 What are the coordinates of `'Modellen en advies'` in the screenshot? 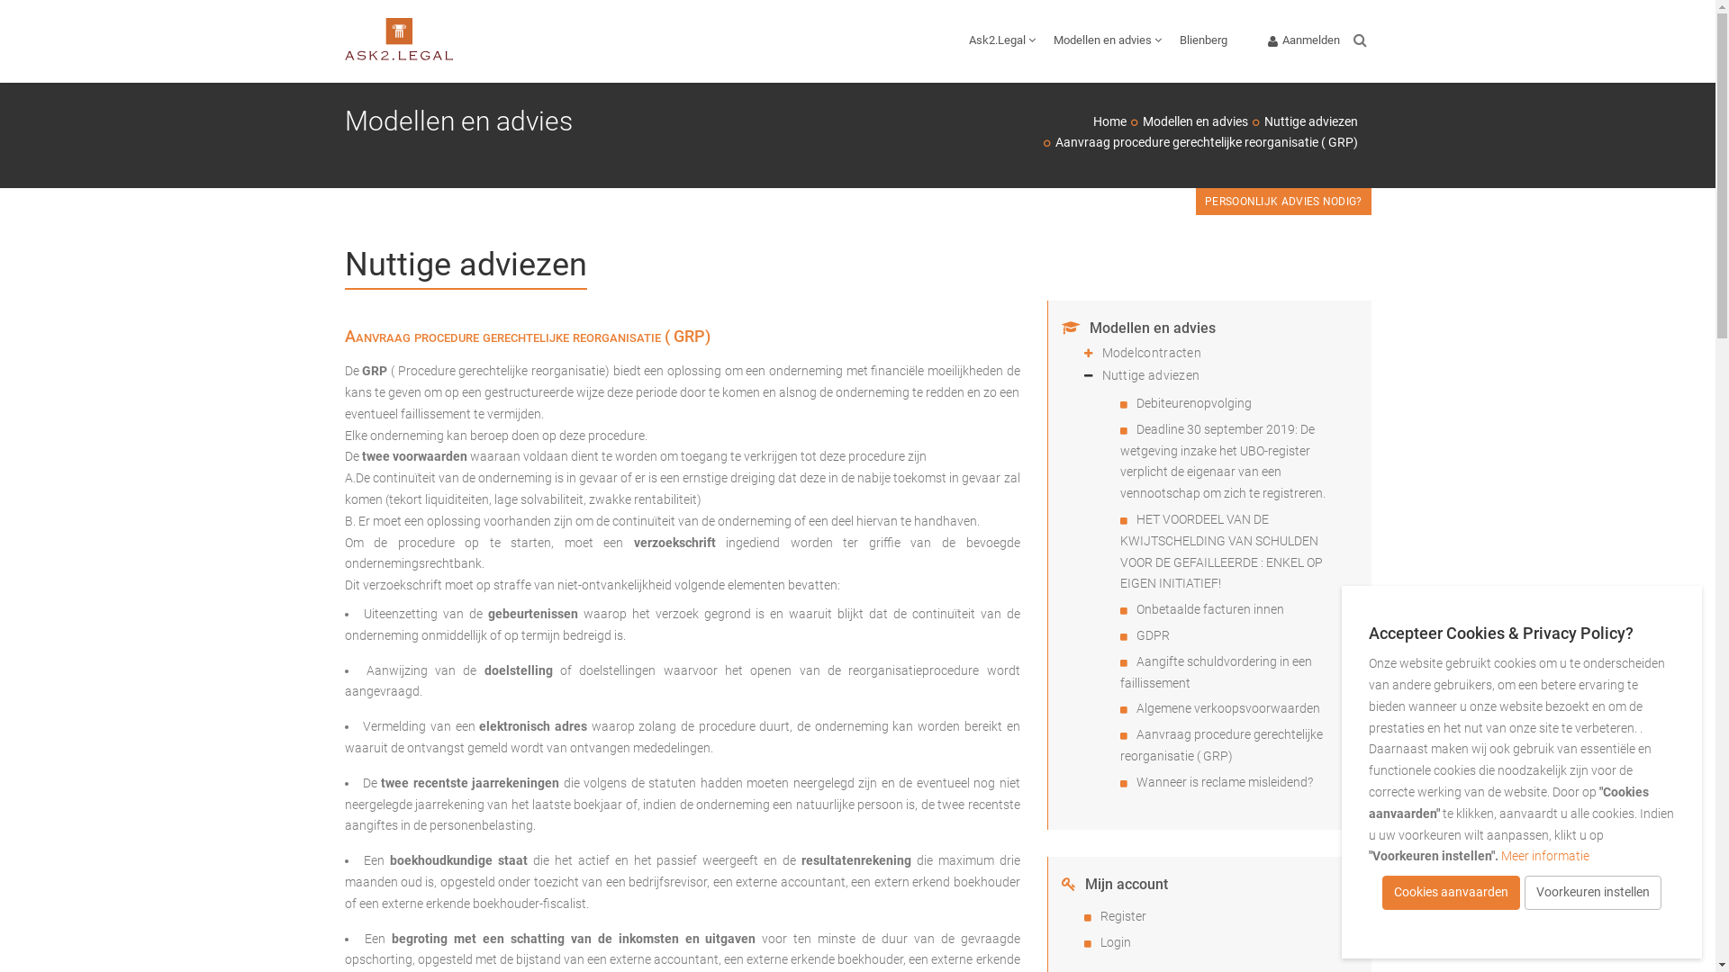 It's located at (1140, 121).